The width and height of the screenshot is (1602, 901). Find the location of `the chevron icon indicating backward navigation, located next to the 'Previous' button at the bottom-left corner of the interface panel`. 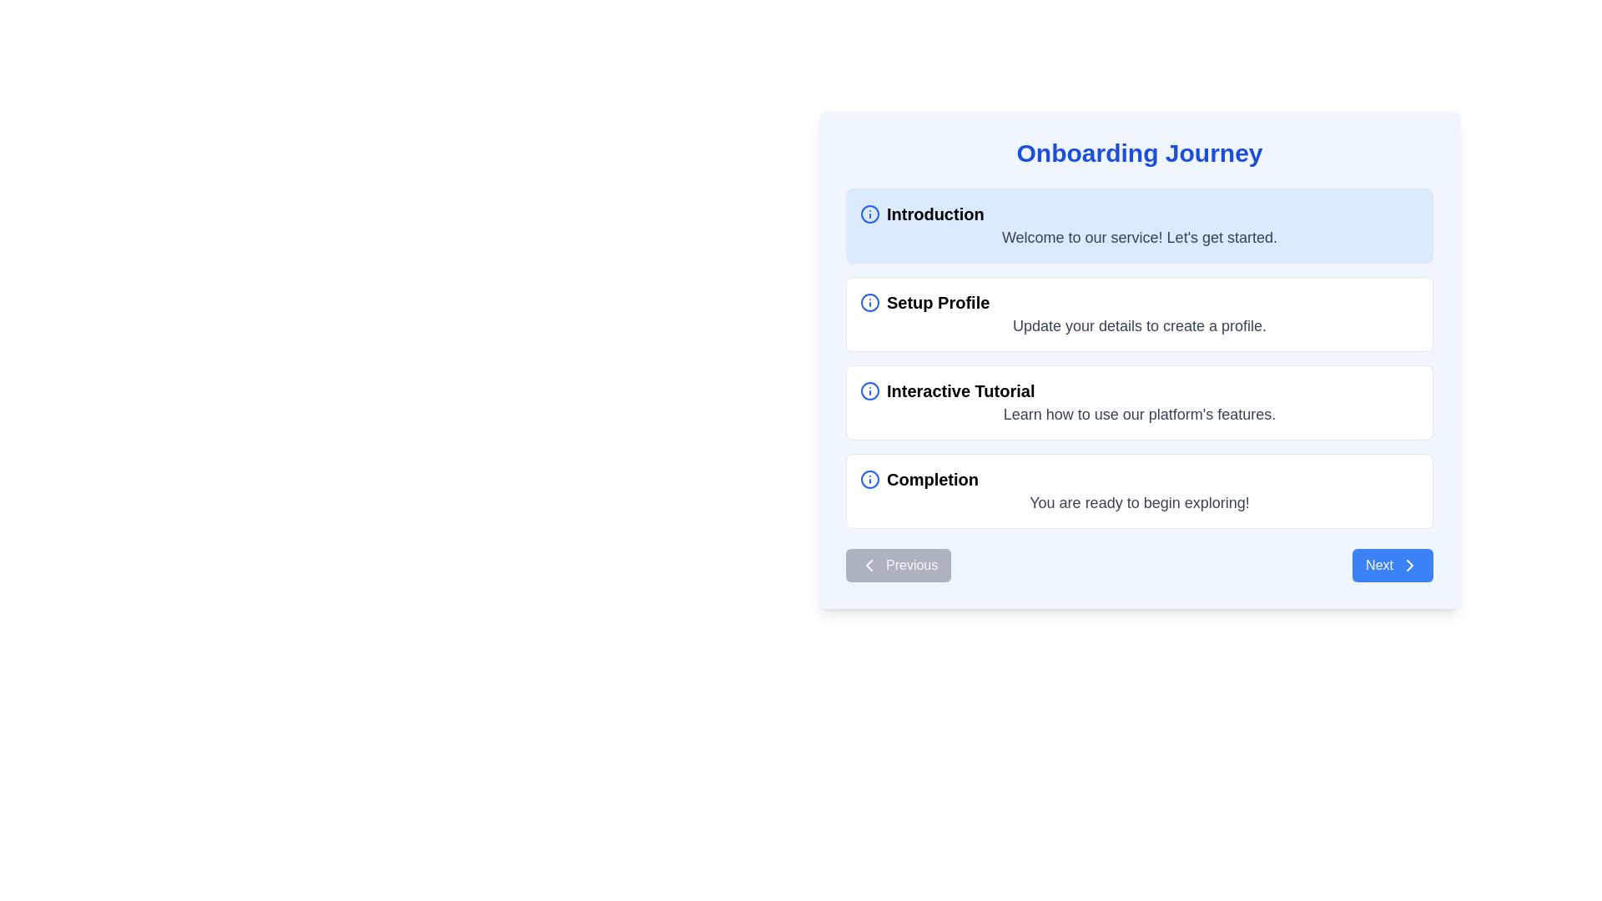

the chevron icon indicating backward navigation, located next to the 'Previous' button at the bottom-left corner of the interface panel is located at coordinates (868, 565).